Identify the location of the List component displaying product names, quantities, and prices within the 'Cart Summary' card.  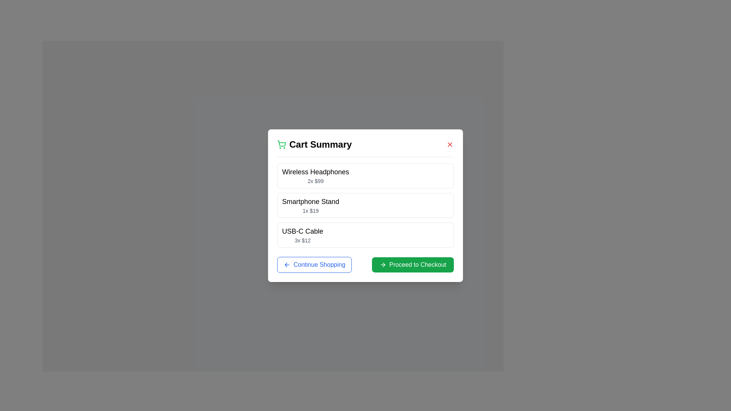
(365, 205).